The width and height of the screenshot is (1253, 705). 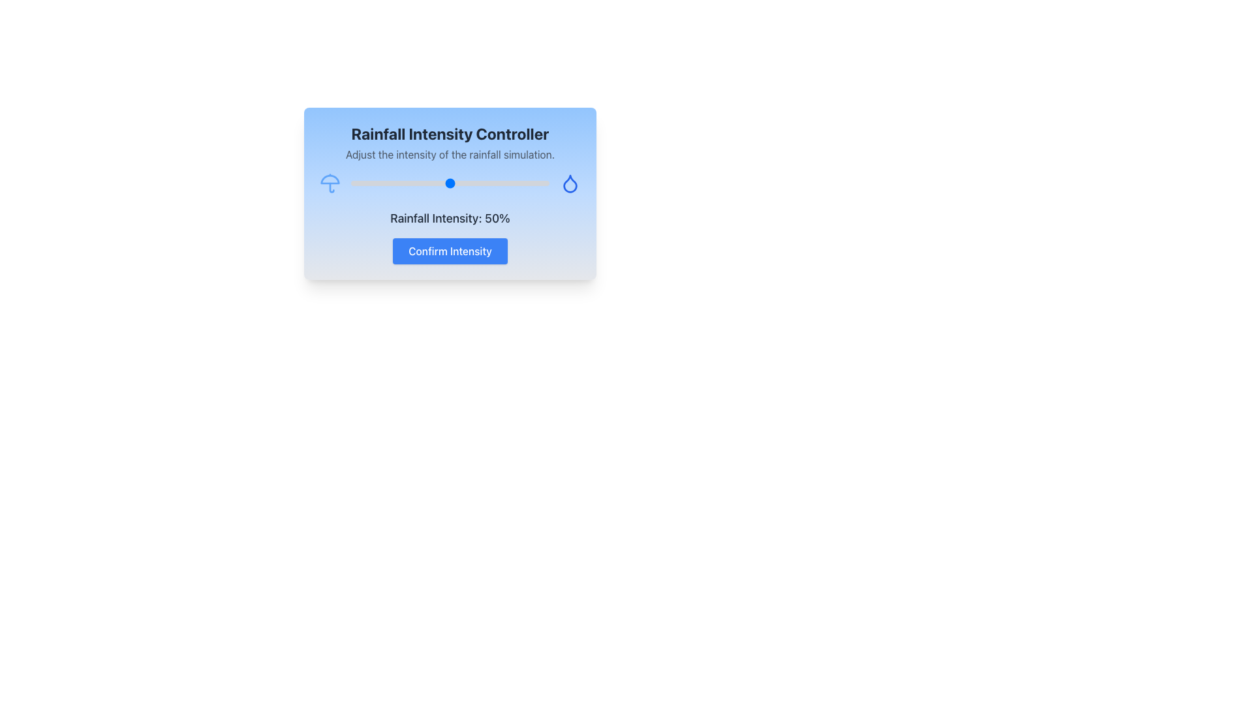 What do you see at coordinates (353, 183) in the screenshot?
I see `the rainfall intensity` at bounding box center [353, 183].